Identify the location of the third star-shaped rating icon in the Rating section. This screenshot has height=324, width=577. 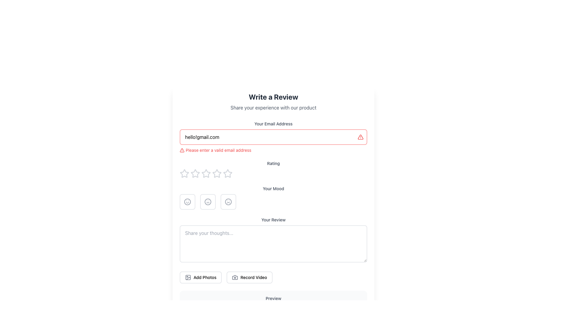
(216, 173).